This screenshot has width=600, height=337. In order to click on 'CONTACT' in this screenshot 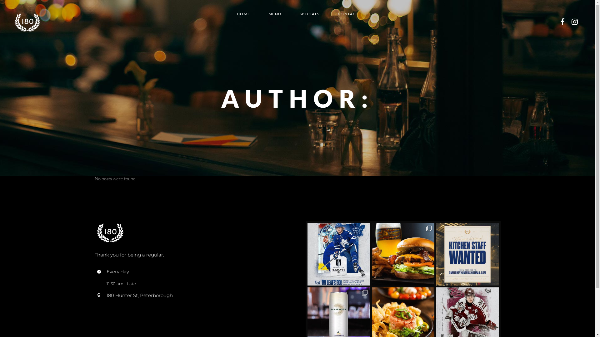, I will do `click(328, 14)`.